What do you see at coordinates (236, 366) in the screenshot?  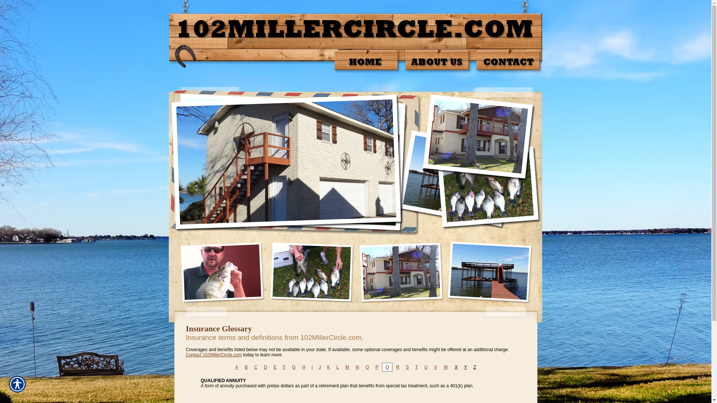 I see `'A'` at bounding box center [236, 366].